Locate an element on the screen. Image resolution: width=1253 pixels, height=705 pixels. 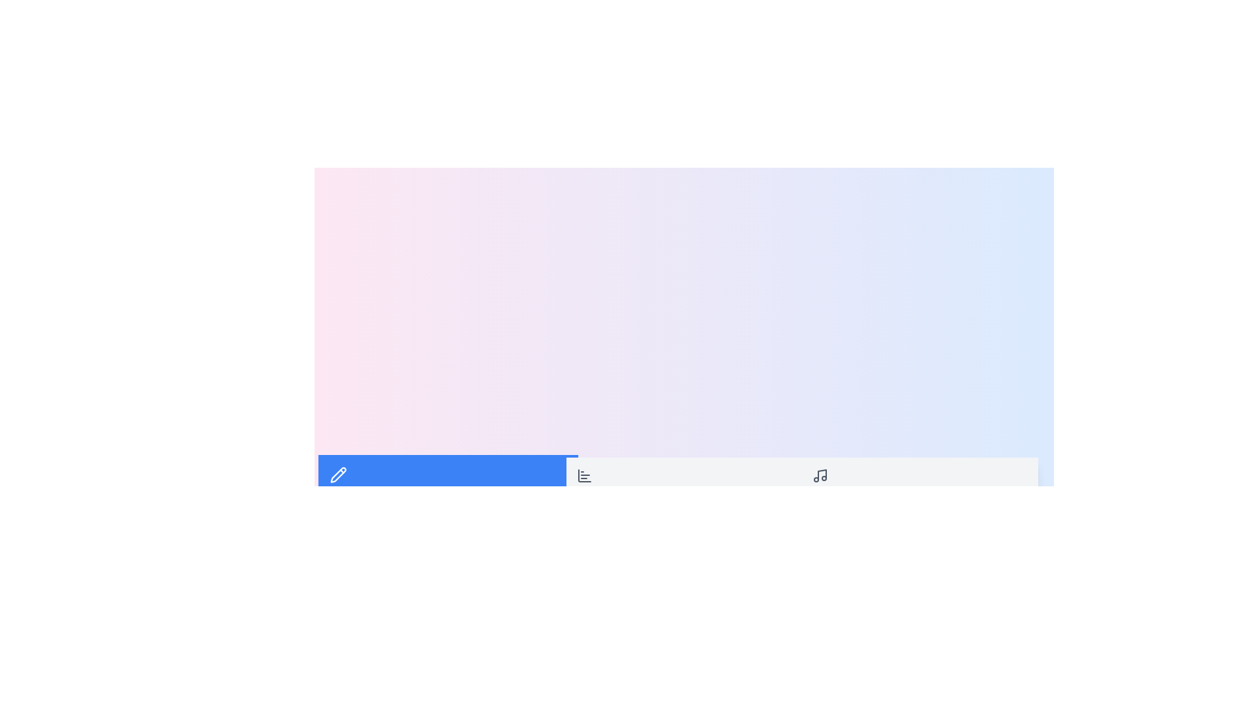
the tab labeled Analytics to view its content is located at coordinates (683, 483).